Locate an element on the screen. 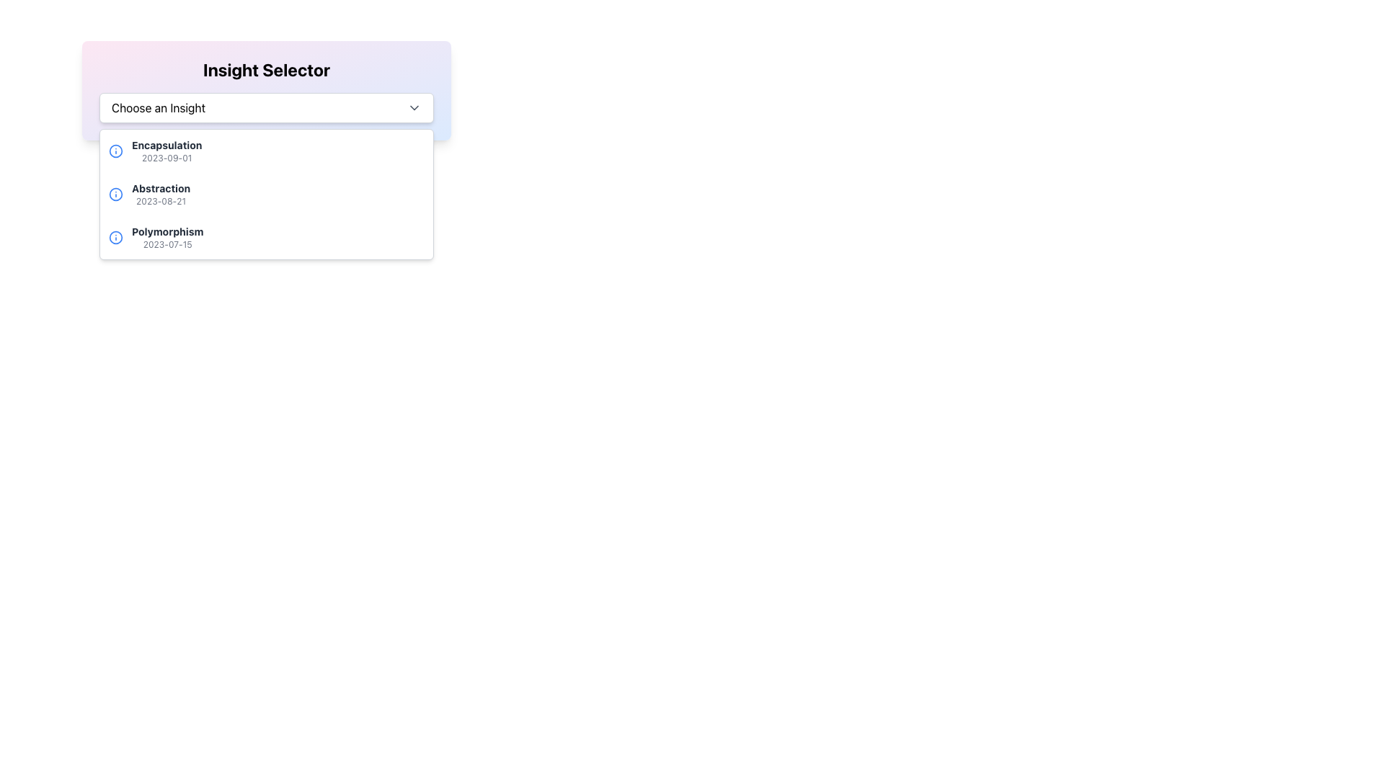 This screenshot has width=1384, height=778. the static text displaying the date for the 'Polymorphism' entry in the Insight Selector dropdown menu, located beneath the main label text is located at coordinates (167, 243).